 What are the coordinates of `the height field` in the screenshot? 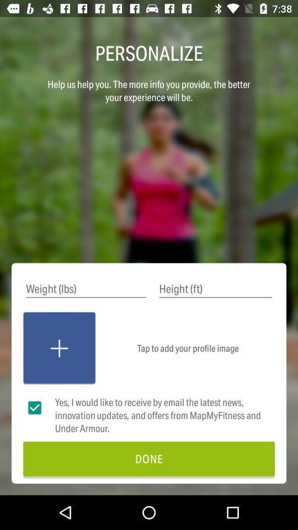 It's located at (215, 288).